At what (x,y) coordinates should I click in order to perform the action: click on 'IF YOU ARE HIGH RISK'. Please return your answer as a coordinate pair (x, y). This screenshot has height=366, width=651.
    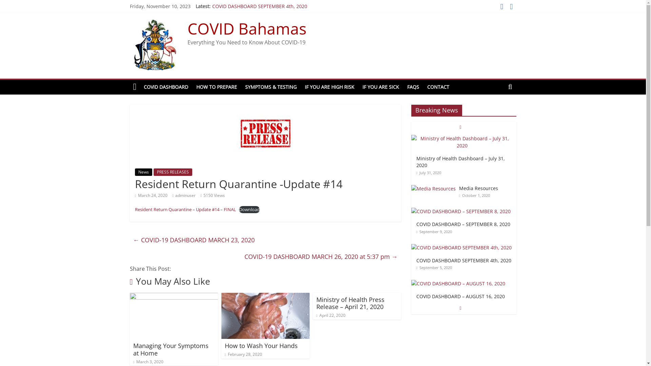
    Looking at the image, I should click on (329, 87).